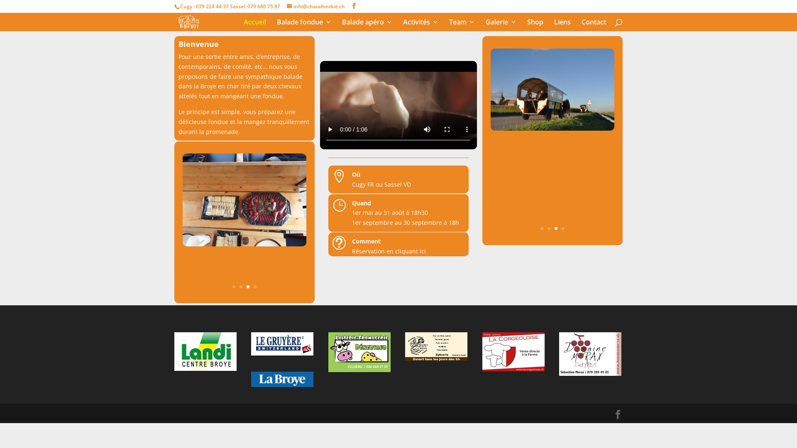 Image resolution: width=797 pixels, height=448 pixels. I want to click on 'Galerie', so click(500, 24).